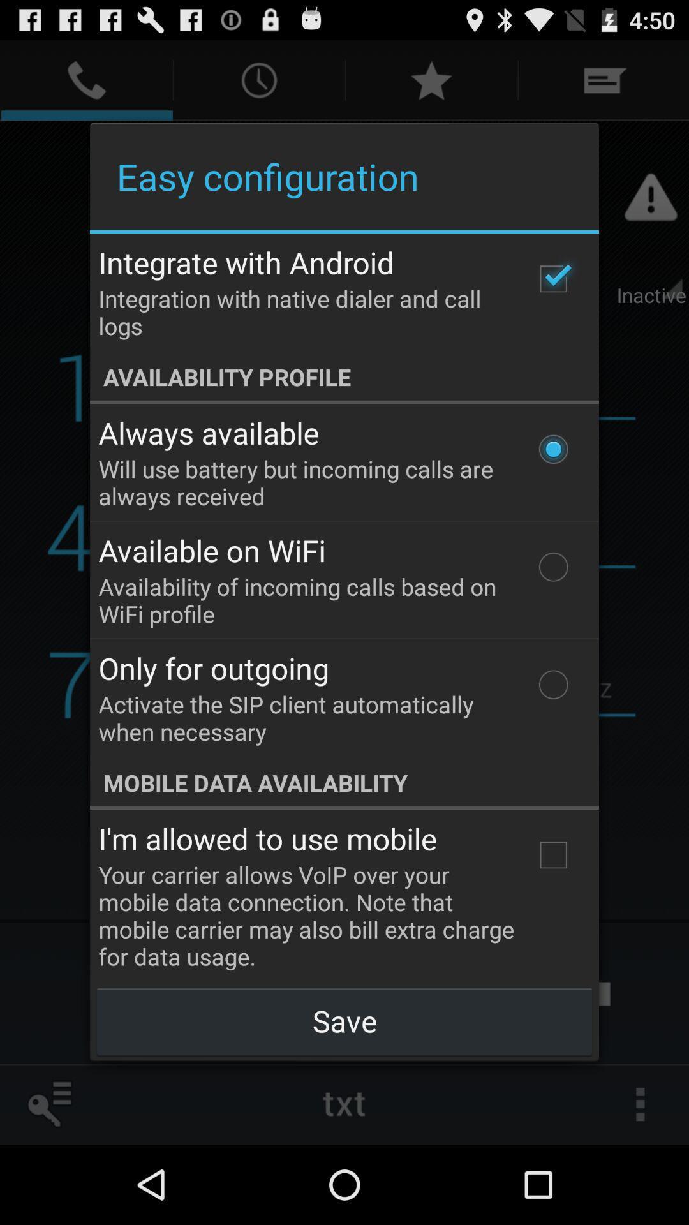  What do you see at coordinates (552, 855) in the screenshot?
I see `the item next to the i m allowed` at bounding box center [552, 855].